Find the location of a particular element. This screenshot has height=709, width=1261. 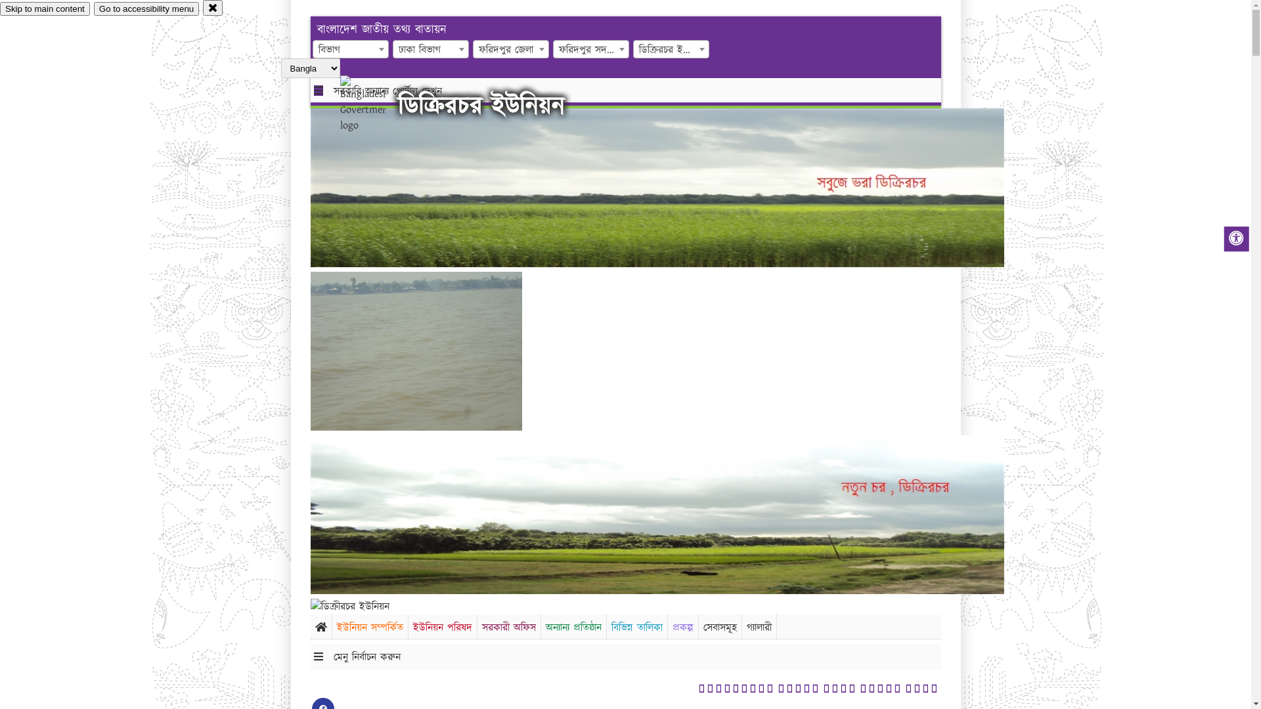

' is located at coordinates (374, 103).